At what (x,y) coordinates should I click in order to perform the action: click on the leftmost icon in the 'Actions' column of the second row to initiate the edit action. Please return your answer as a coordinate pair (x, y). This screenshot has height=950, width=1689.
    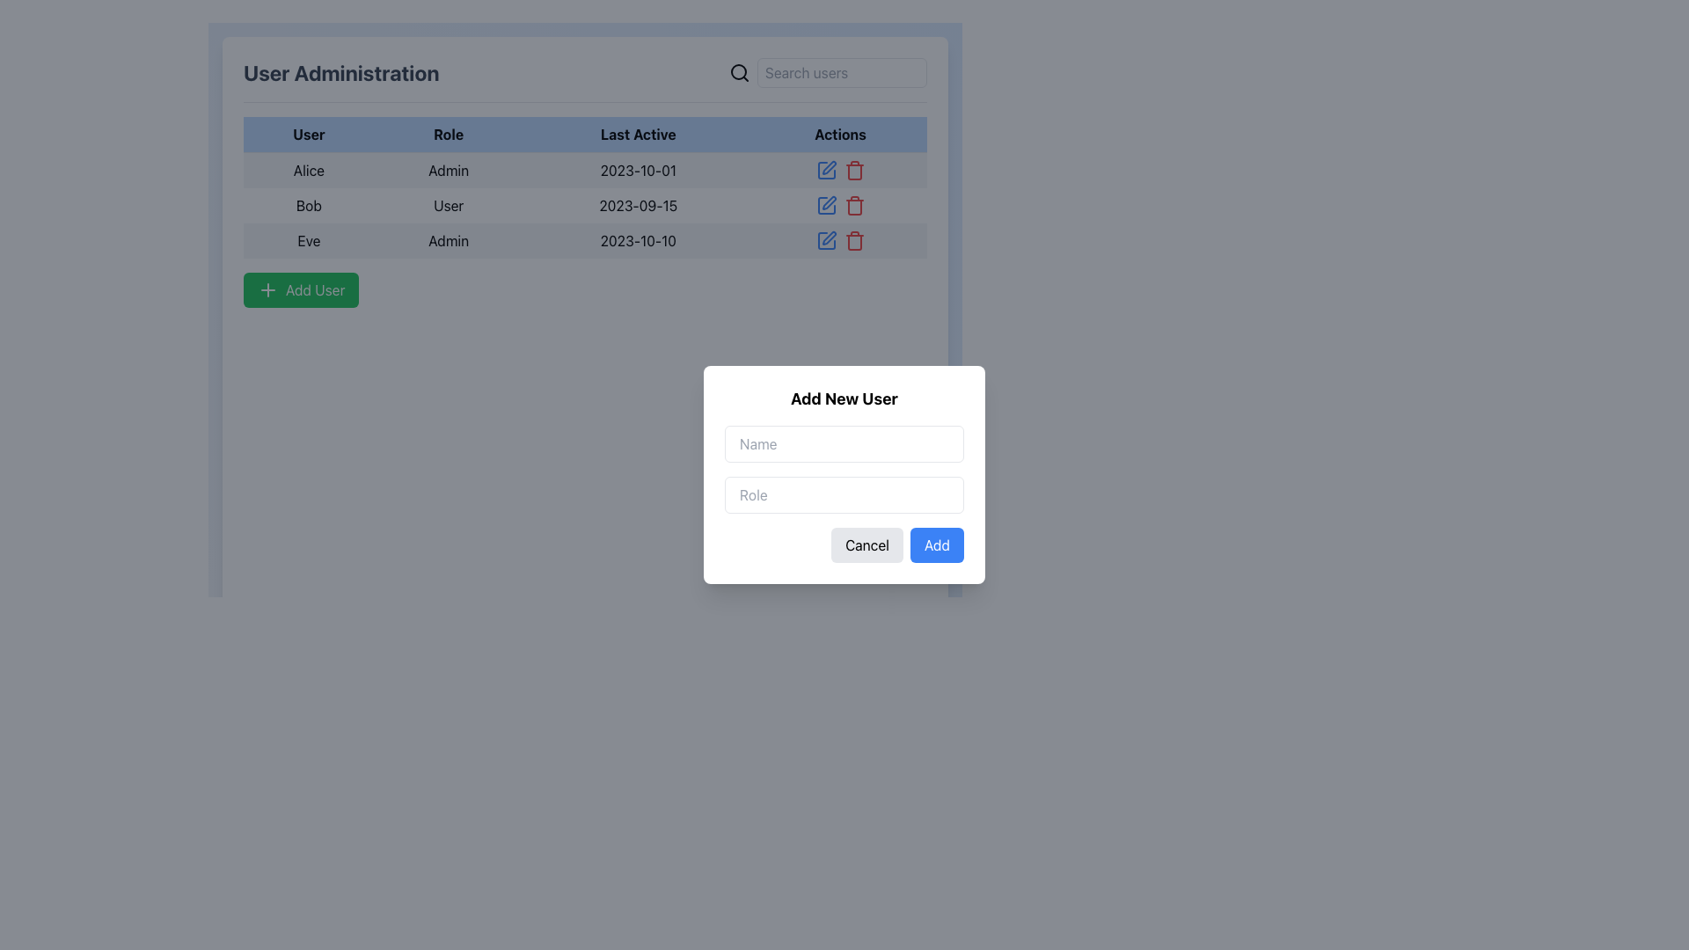
    Looking at the image, I should click on (827, 202).